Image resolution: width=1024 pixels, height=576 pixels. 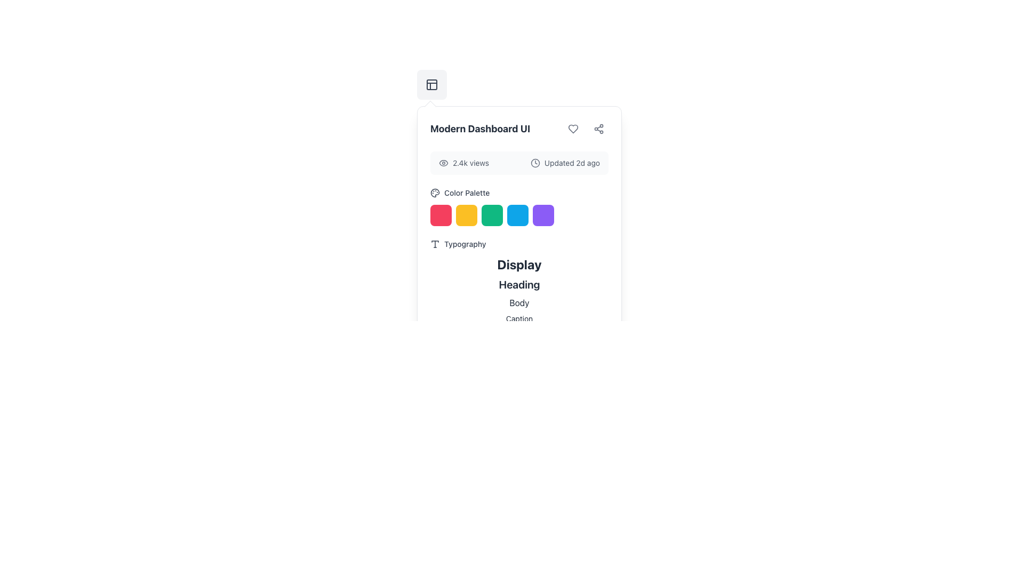 What do you see at coordinates (535, 163) in the screenshot?
I see `circular SVG shape element that serves as the base of the clock icon located in the top-right section of a card layout using developer tools` at bounding box center [535, 163].